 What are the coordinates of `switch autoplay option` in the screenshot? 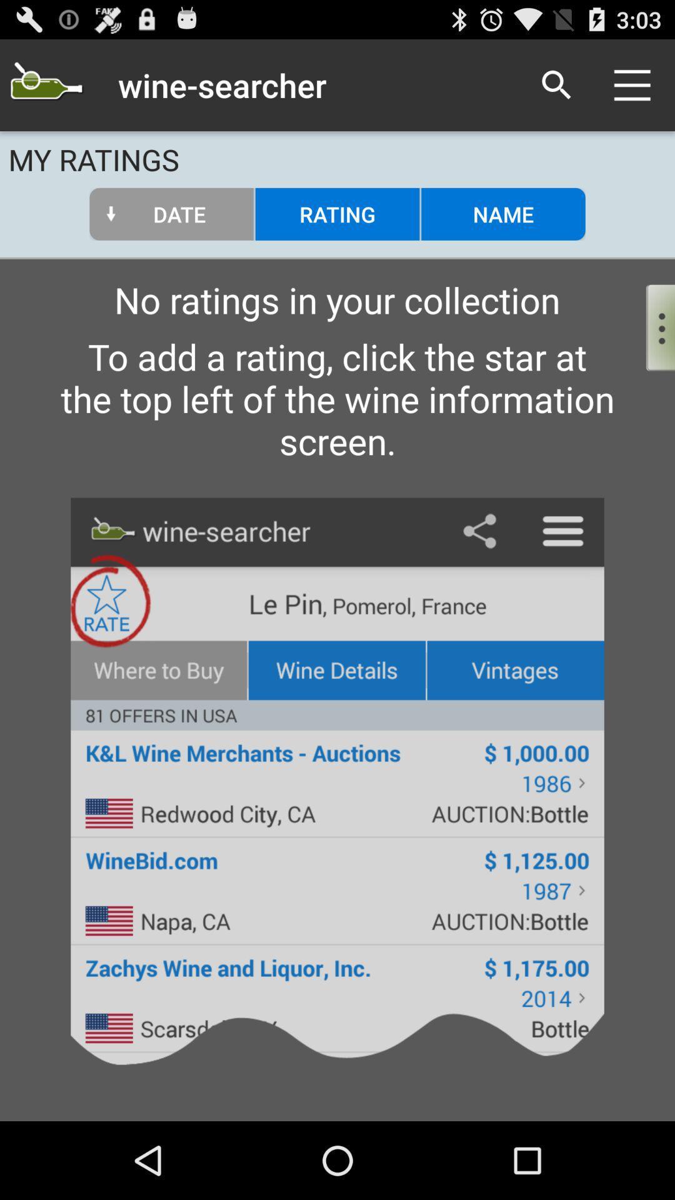 It's located at (649, 324).